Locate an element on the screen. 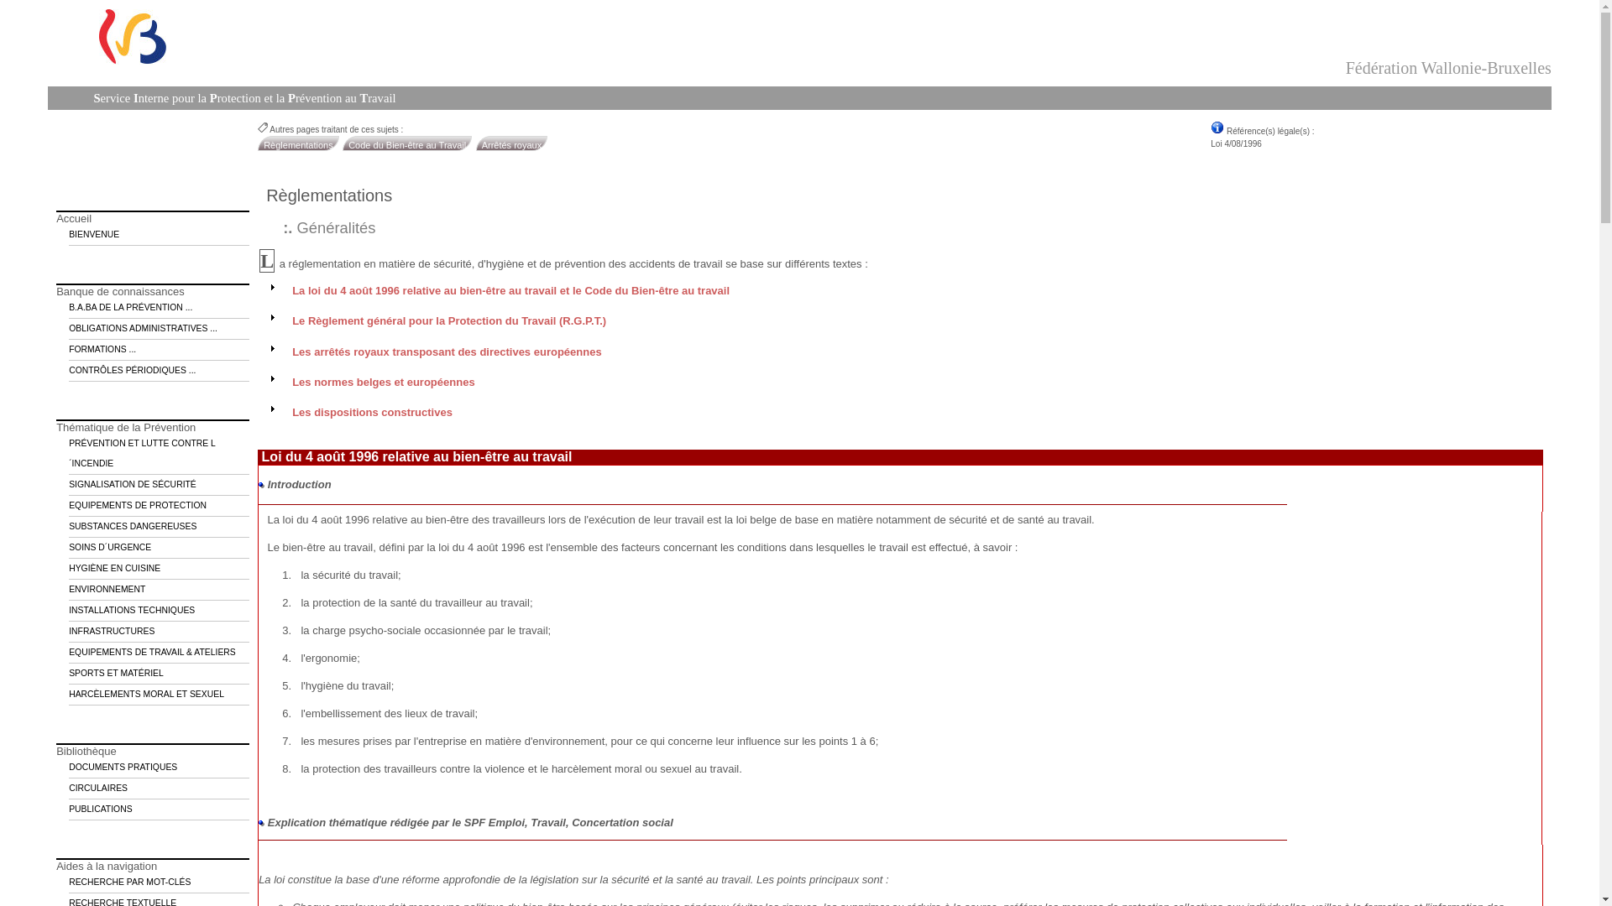  'DOCUMENTS PRATIQUES' is located at coordinates (159, 768).